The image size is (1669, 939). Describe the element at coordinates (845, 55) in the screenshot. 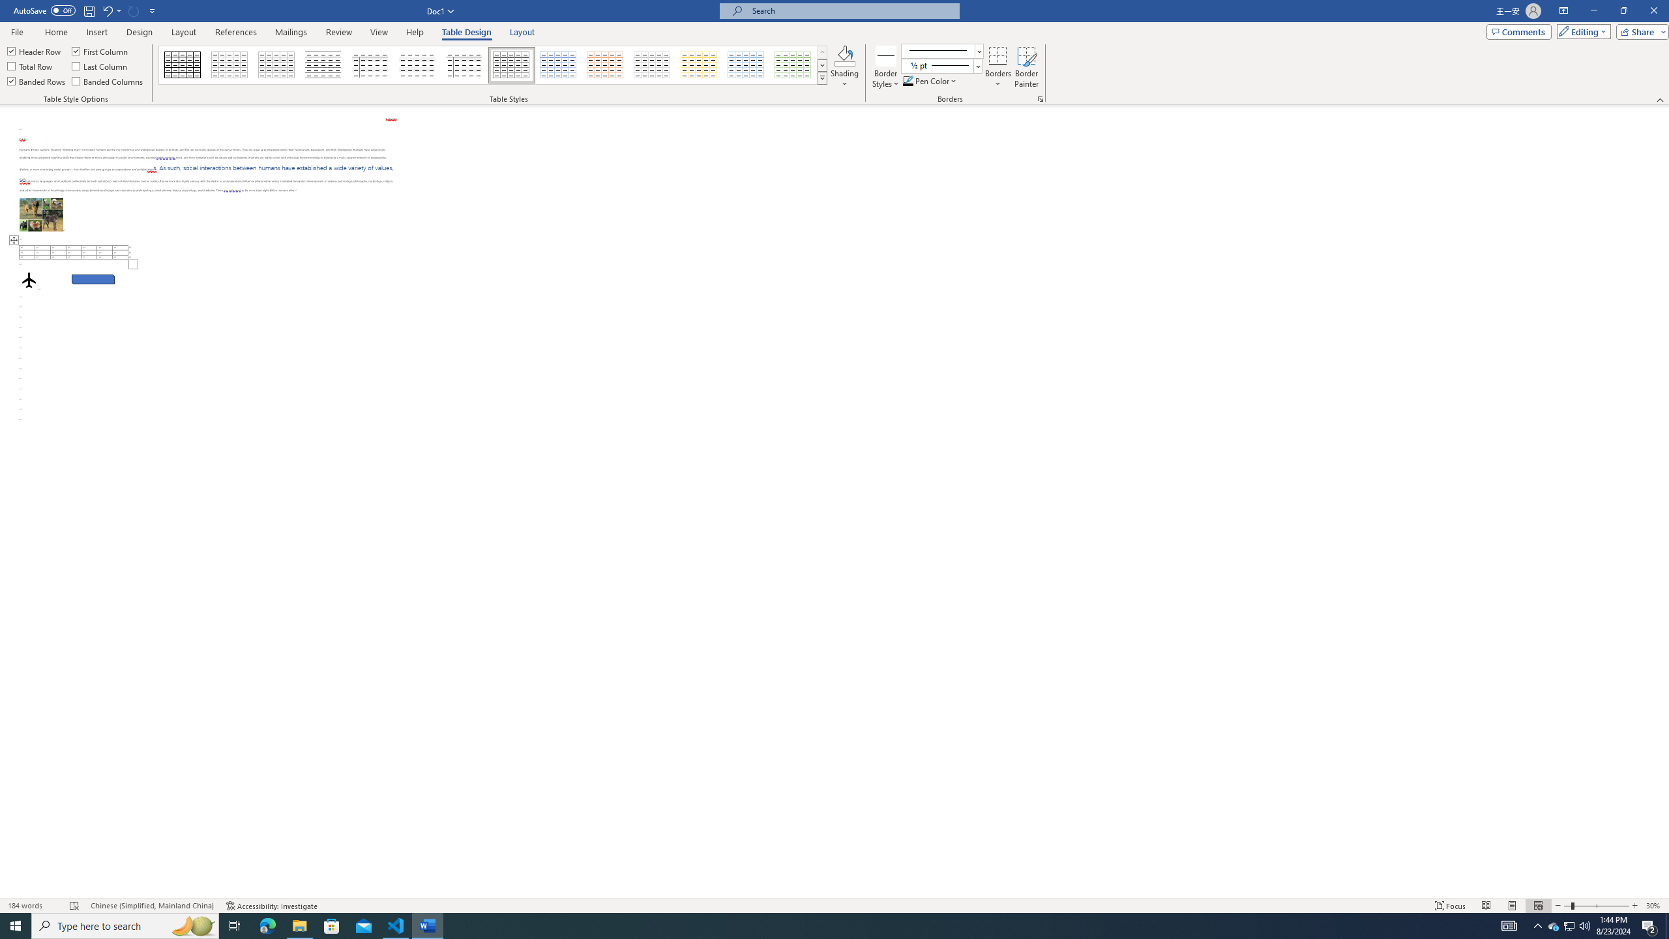

I see `'Shading RGB(0, 0, 0)'` at that location.